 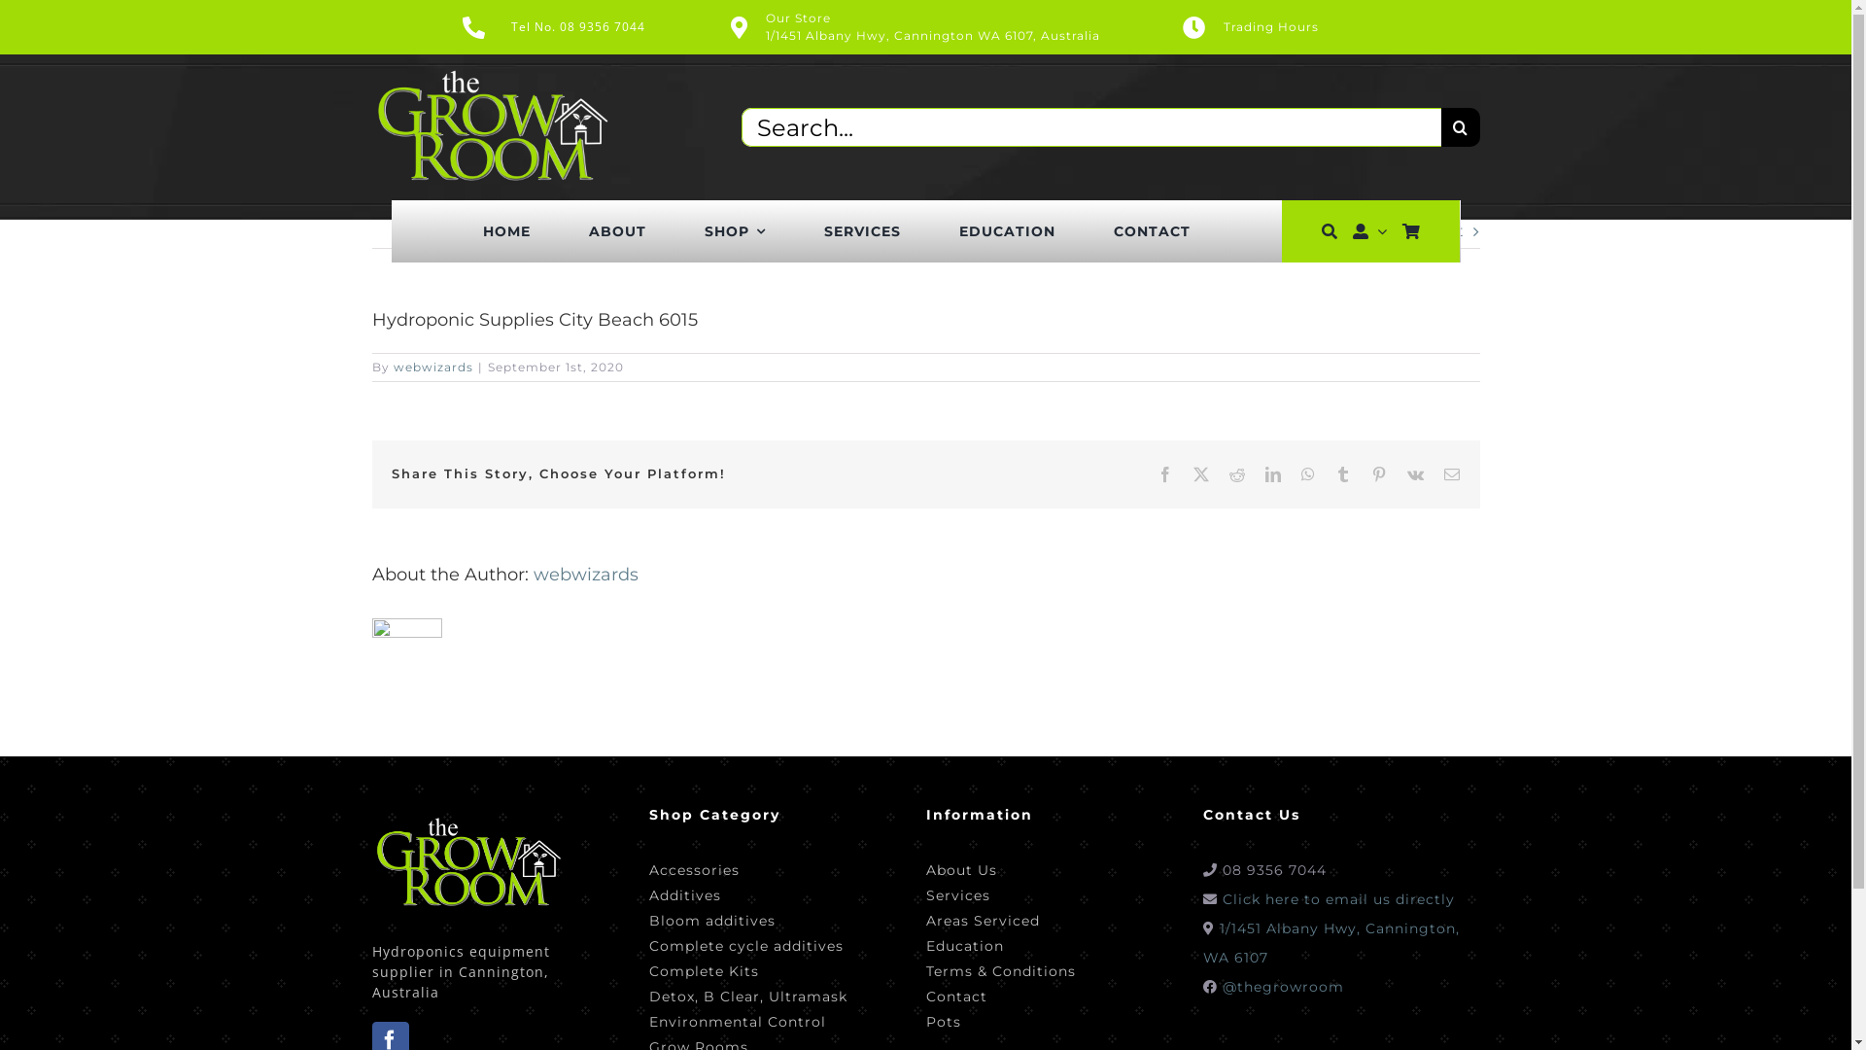 I want to click on 'WhatsApp', so click(x=1307, y=474).